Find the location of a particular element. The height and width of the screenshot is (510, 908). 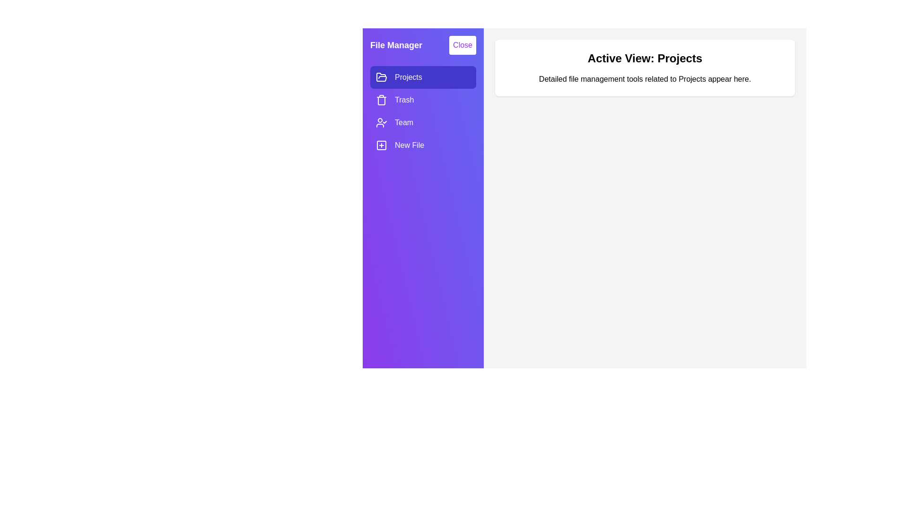

'Close' button to hide the drawer is located at coordinates (463, 45).